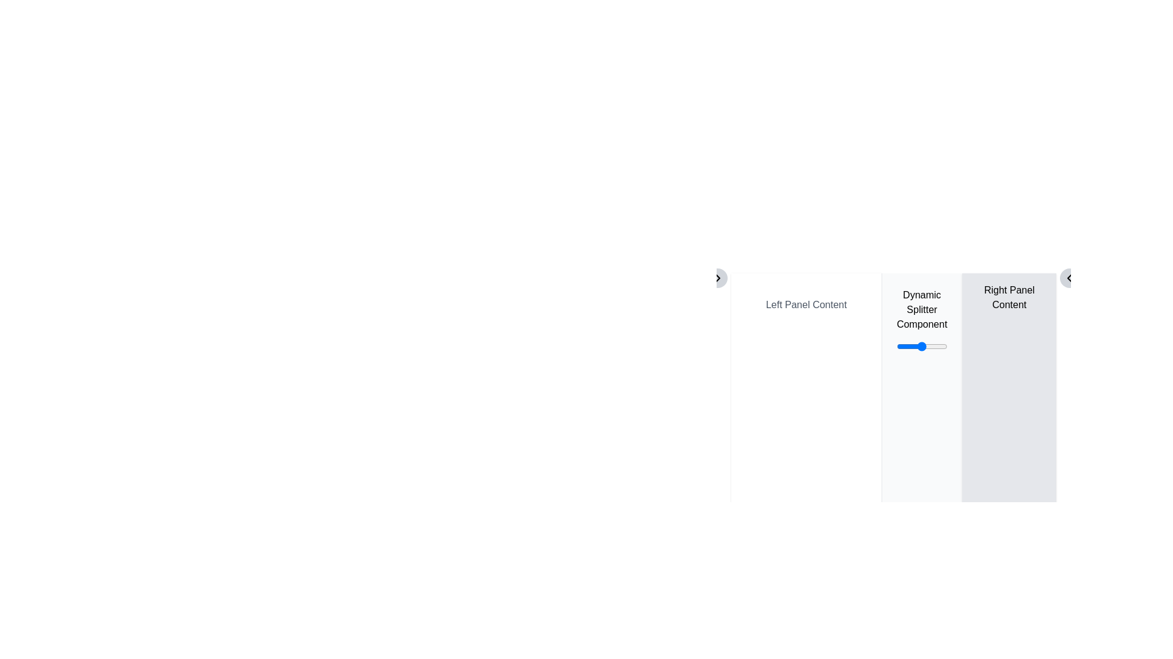 The width and height of the screenshot is (1173, 659). I want to click on the right-pointing chevron icon located on the circular button, so click(718, 278).